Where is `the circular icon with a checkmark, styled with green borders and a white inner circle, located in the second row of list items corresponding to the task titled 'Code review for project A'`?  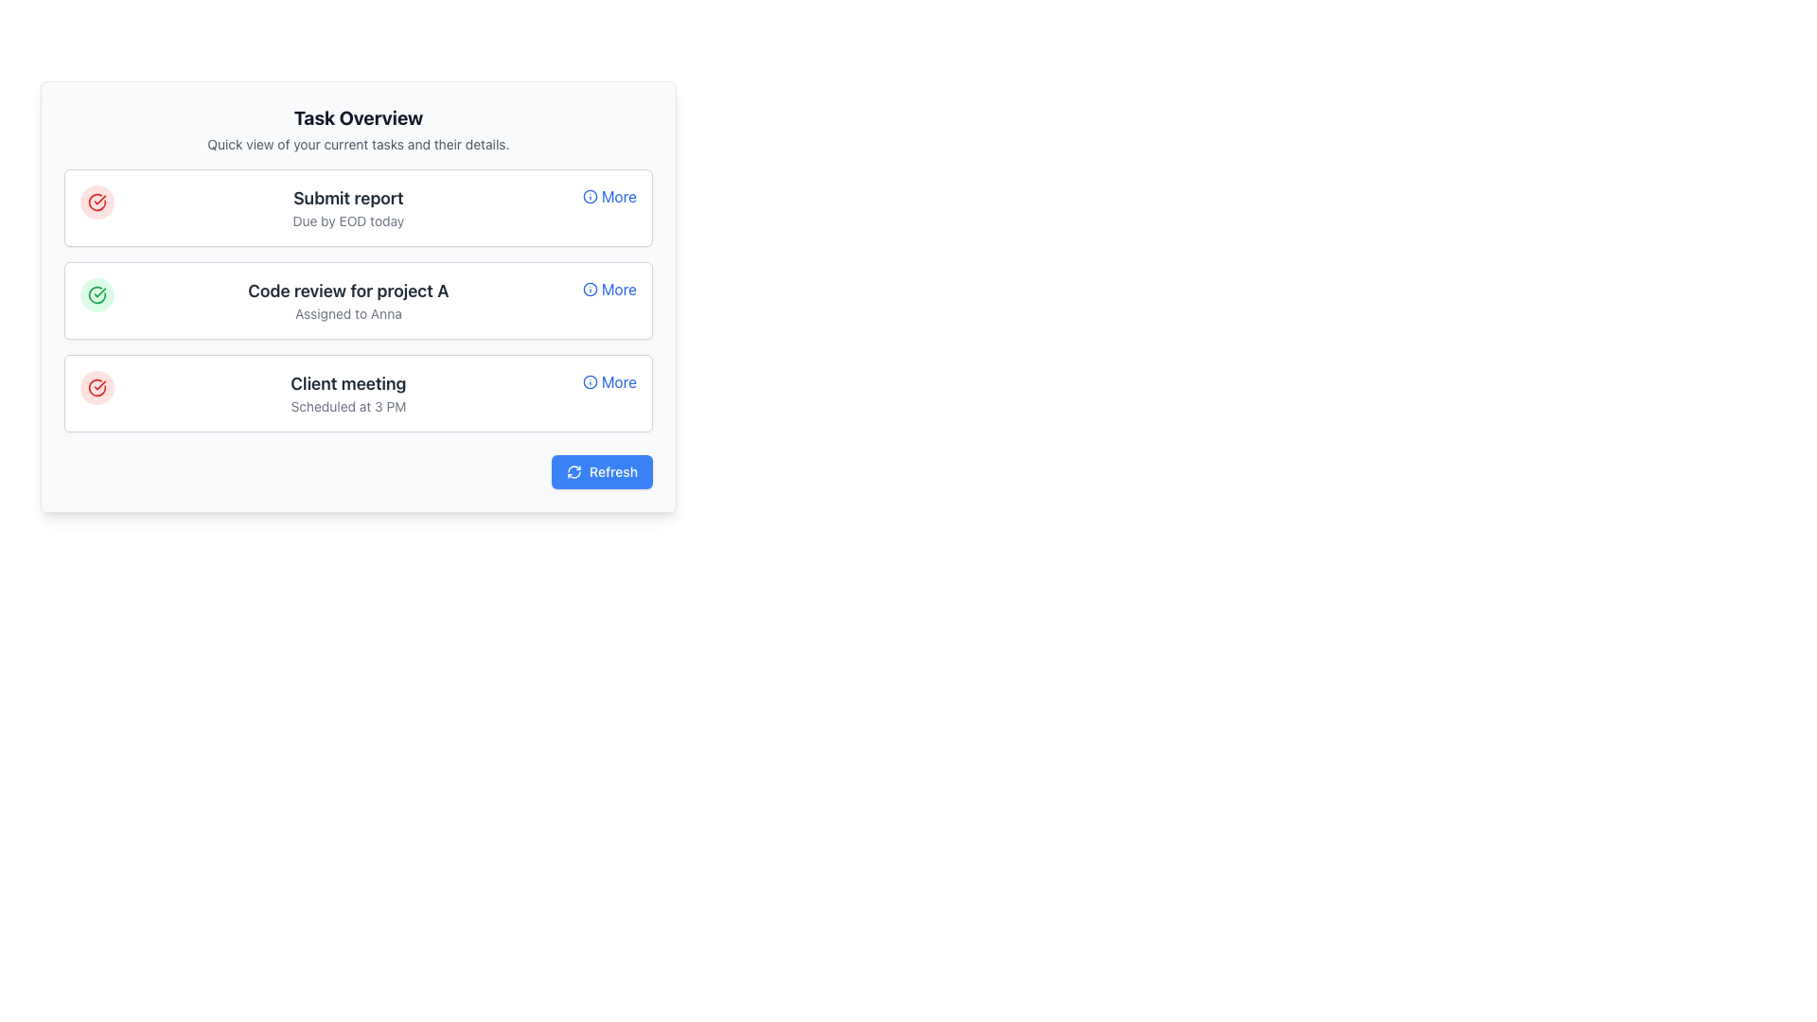 the circular icon with a checkmark, styled with green borders and a white inner circle, located in the second row of list items corresponding to the task titled 'Code review for project A' is located at coordinates (96, 295).